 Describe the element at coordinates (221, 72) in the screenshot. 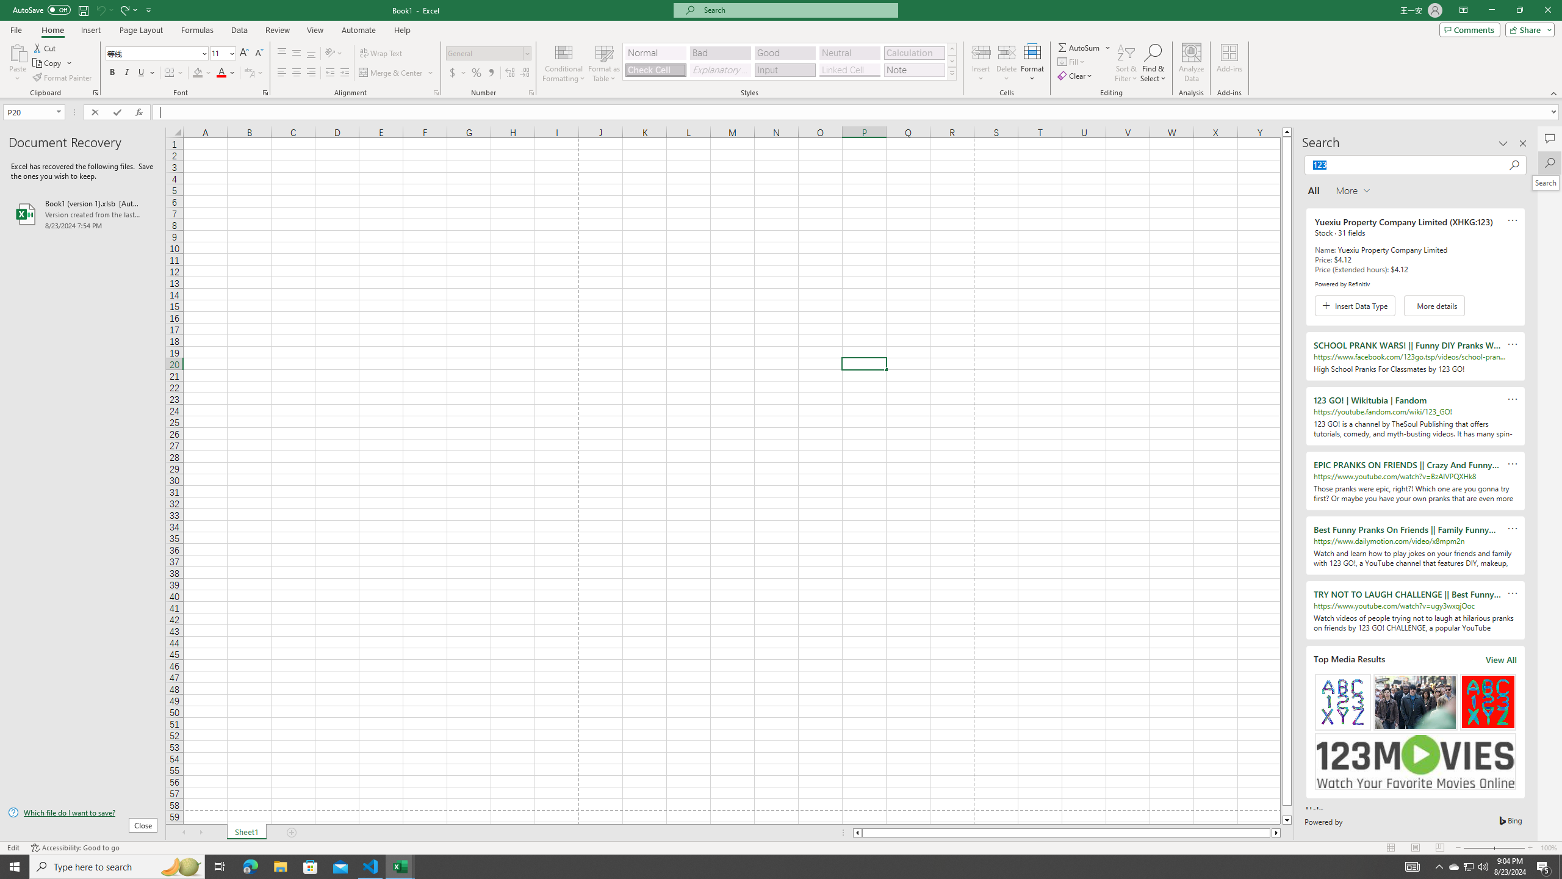

I see `'Font Color RGB(255, 0, 0)'` at that location.